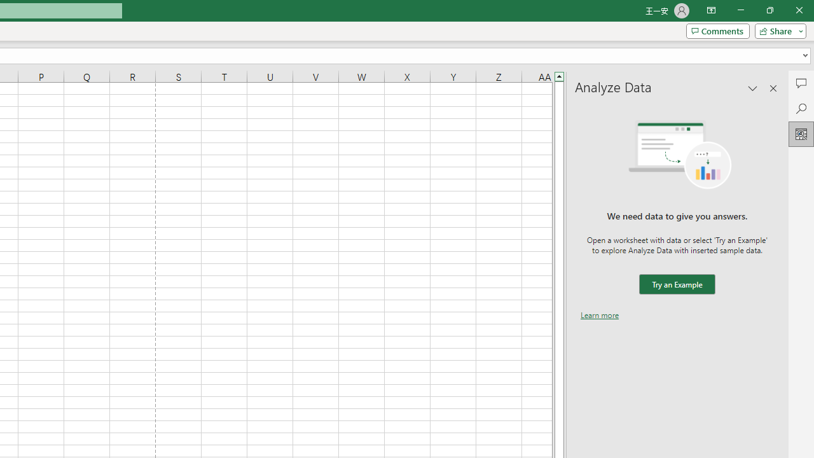 Image resolution: width=814 pixels, height=458 pixels. Describe the element at coordinates (599, 315) in the screenshot. I see `'Learn more'` at that location.